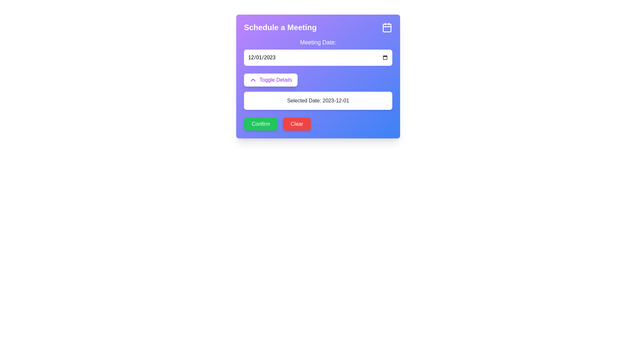  What do you see at coordinates (387, 27) in the screenshot?
I see `the calendar icon with a bold white outline on a blue square background, located at the top-right corner of the purple box, to the right of the text 'Schedule a Meeting'` at bounding box center [387, 27].